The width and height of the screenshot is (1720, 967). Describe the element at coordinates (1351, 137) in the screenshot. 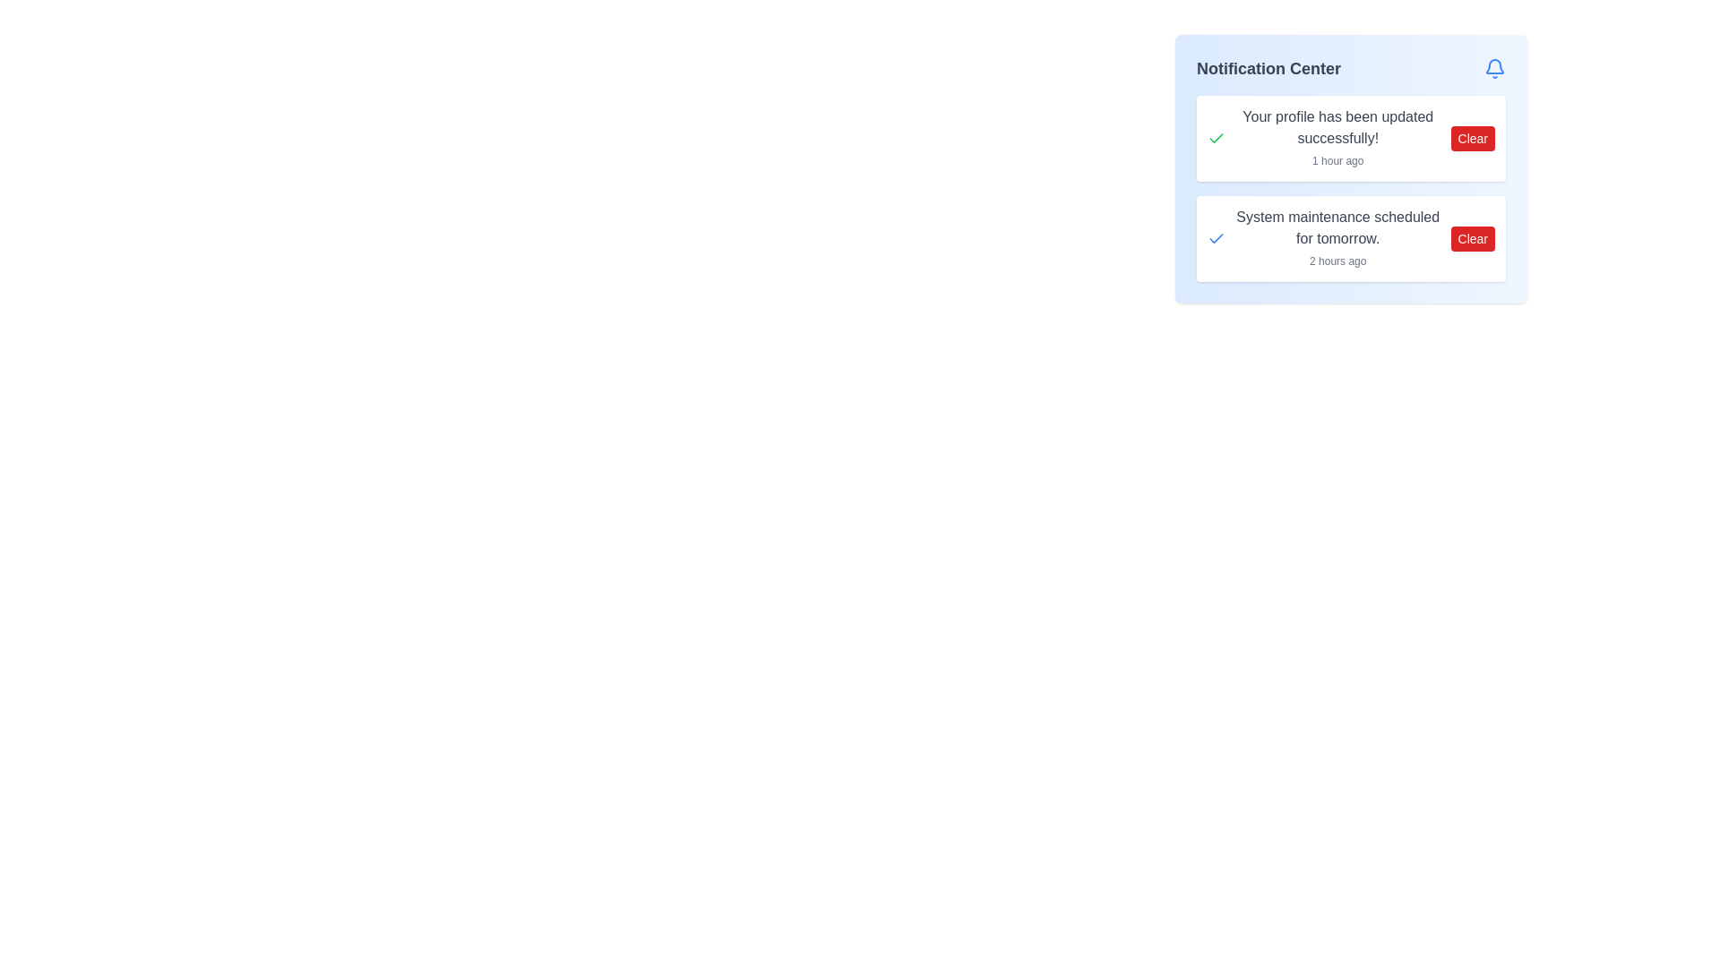

I see `notification message in the first notification box located below the 'Notification Center' heading` at that location.